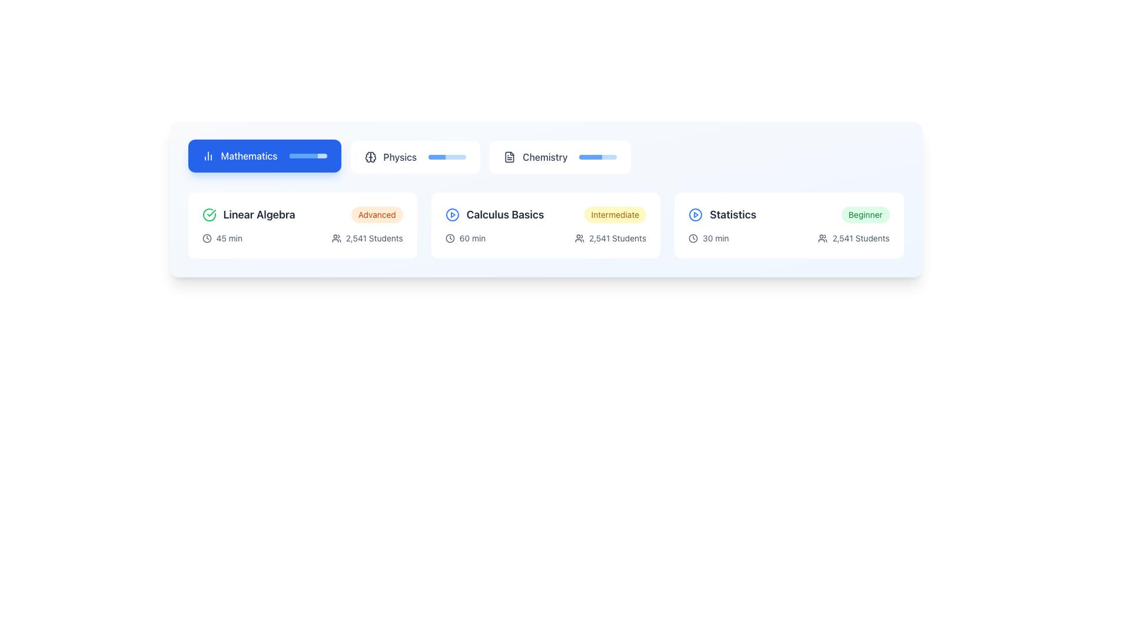 The width and height of the screenshot is (1130, 636). I want to click on the information displayed in the Text Label that indicates the course duration of '30 minutes', located in the 'Statistics' section beneath the title and next to a clock icon, so click(715, 238).